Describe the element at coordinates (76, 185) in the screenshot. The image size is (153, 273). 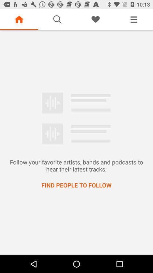
I see `the icon below the follow your favorite item` at that location.